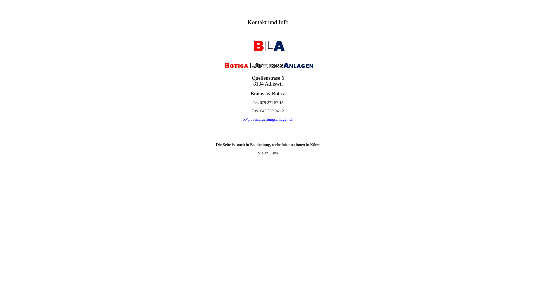  What do you see at coordinates (268, 119) in the screenshot?
I see `'bb@boticalueftungsanlagen.ch'` at bounding box center [268, 119].